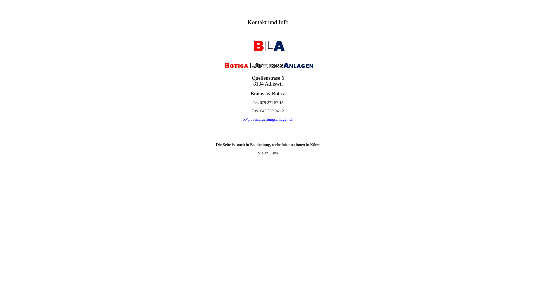  What do you see at coordinates (268, 119) in the screenshot?
I see `'bb@boticalueftungsanlagen.ch'` at bounding box center [268, 119].